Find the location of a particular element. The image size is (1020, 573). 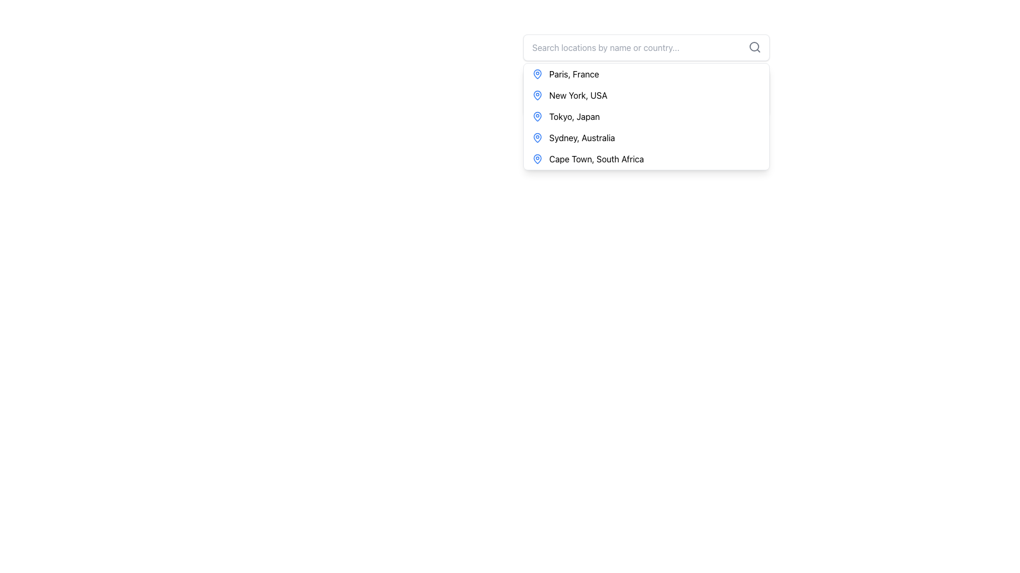

the decorative SVG Circle element of the magnifying glass icon that symbolizes search functionality, located at the top-right corner of the search bar is located at coordinates (754, 46).